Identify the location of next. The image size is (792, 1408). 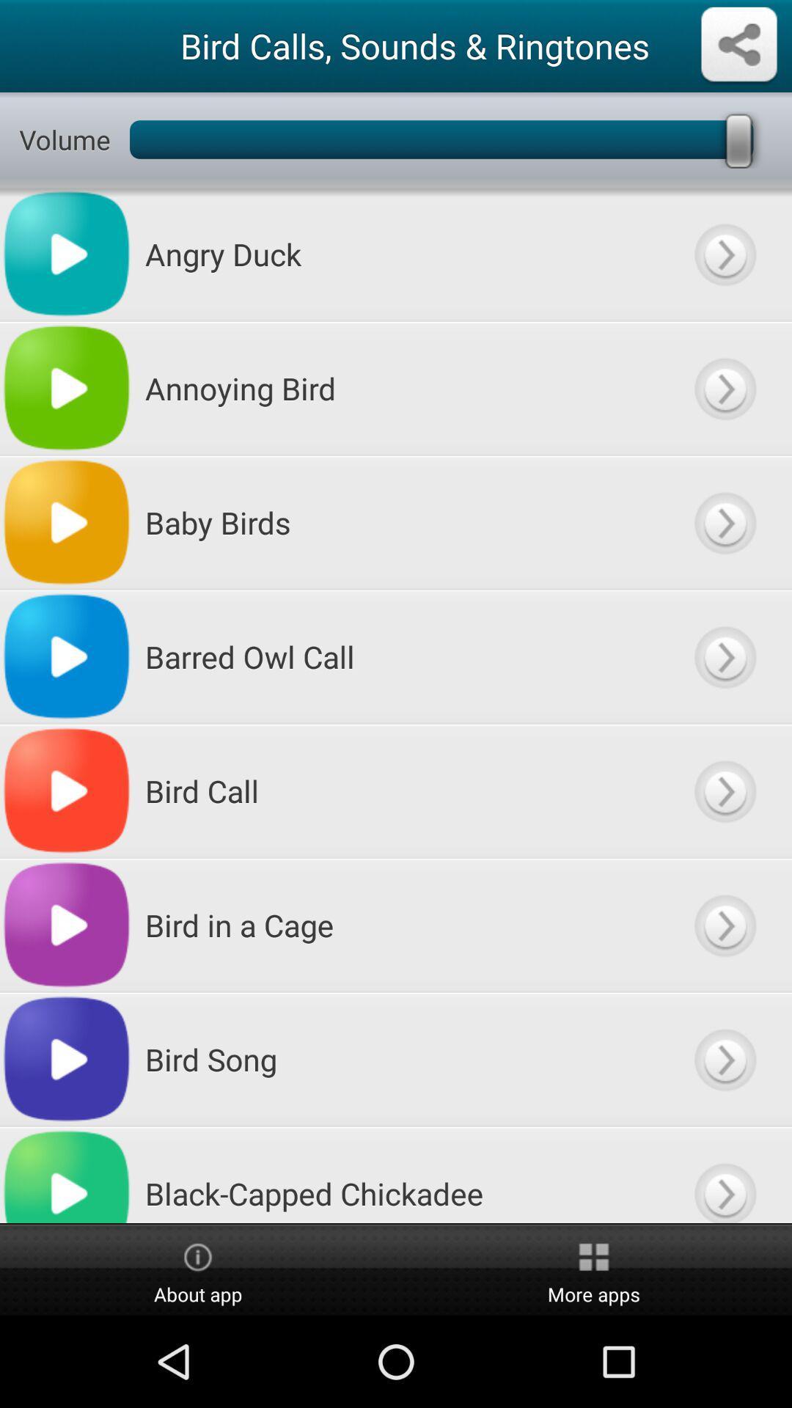
(724, 254).